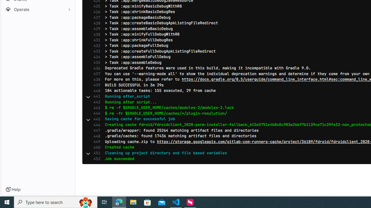  I want to click on '431', so click(95, 40).